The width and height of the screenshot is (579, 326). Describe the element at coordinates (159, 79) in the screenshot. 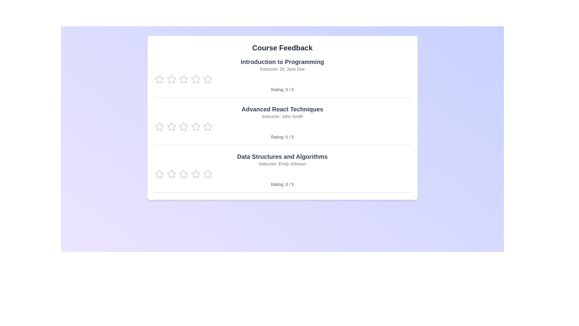

I see `the first star icon of the first course to observe its hover effect` at that location.